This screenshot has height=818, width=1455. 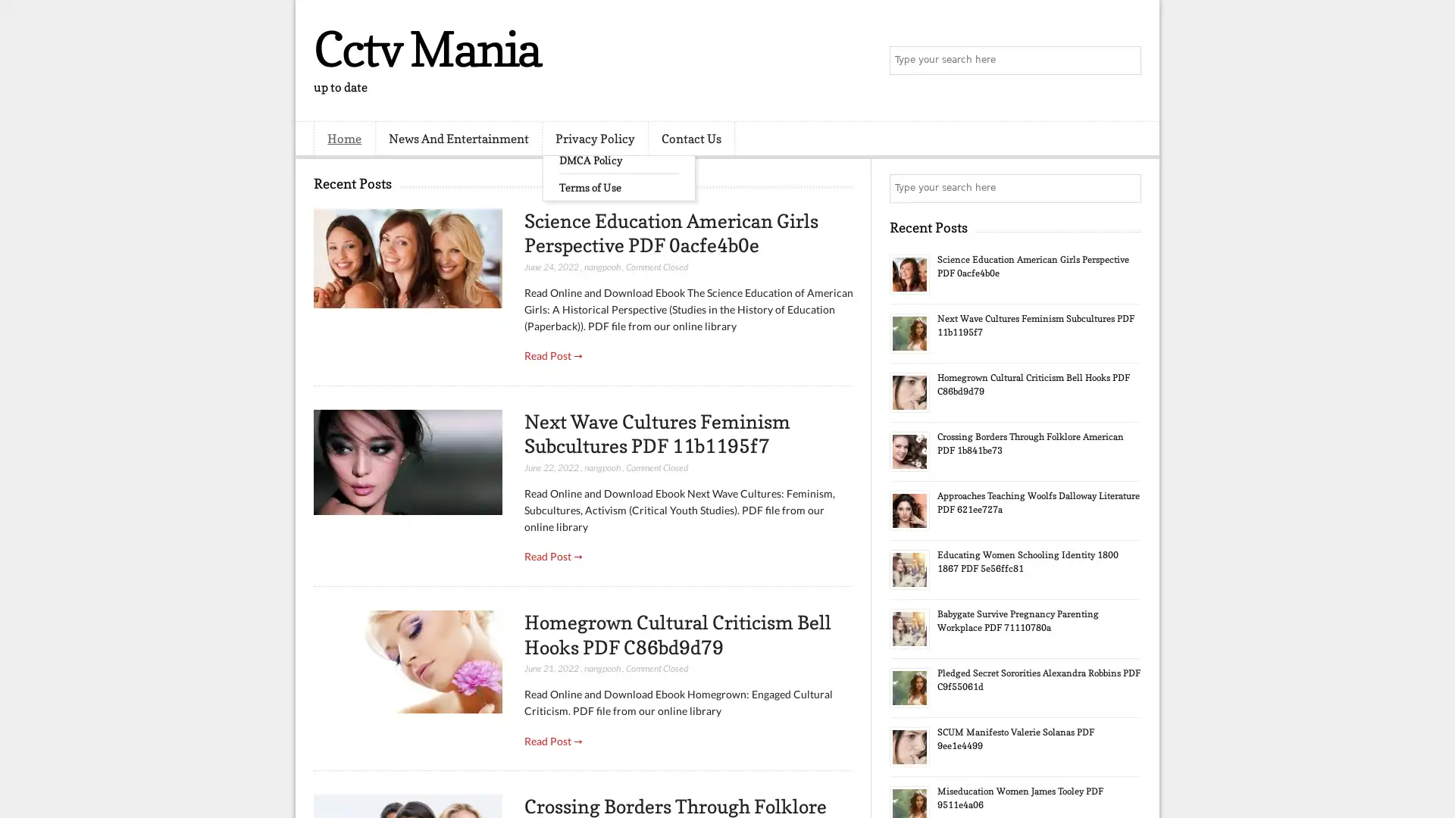 I want to click on Search, so click(x=1125, y=188).